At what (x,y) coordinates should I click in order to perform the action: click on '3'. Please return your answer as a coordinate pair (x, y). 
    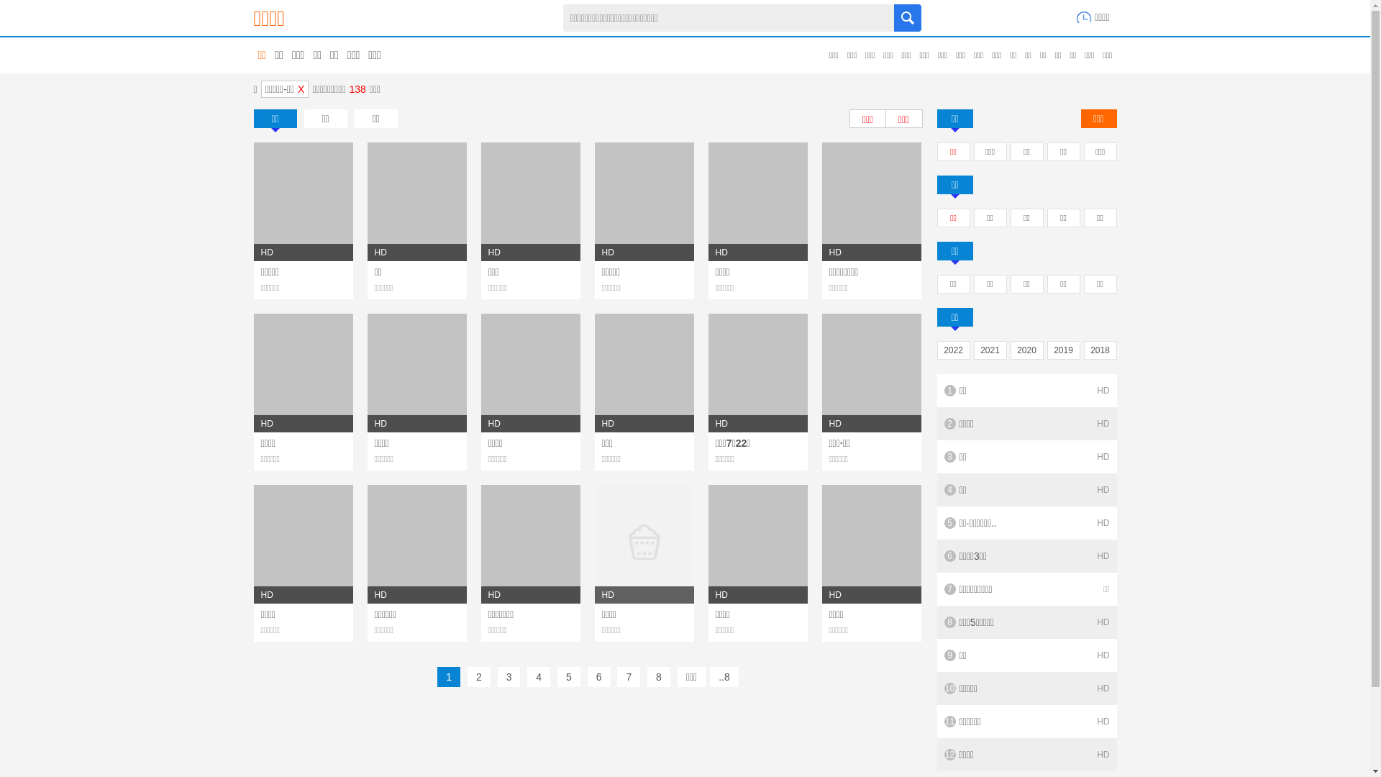
    Looking at the image, I should click on (509, 677).